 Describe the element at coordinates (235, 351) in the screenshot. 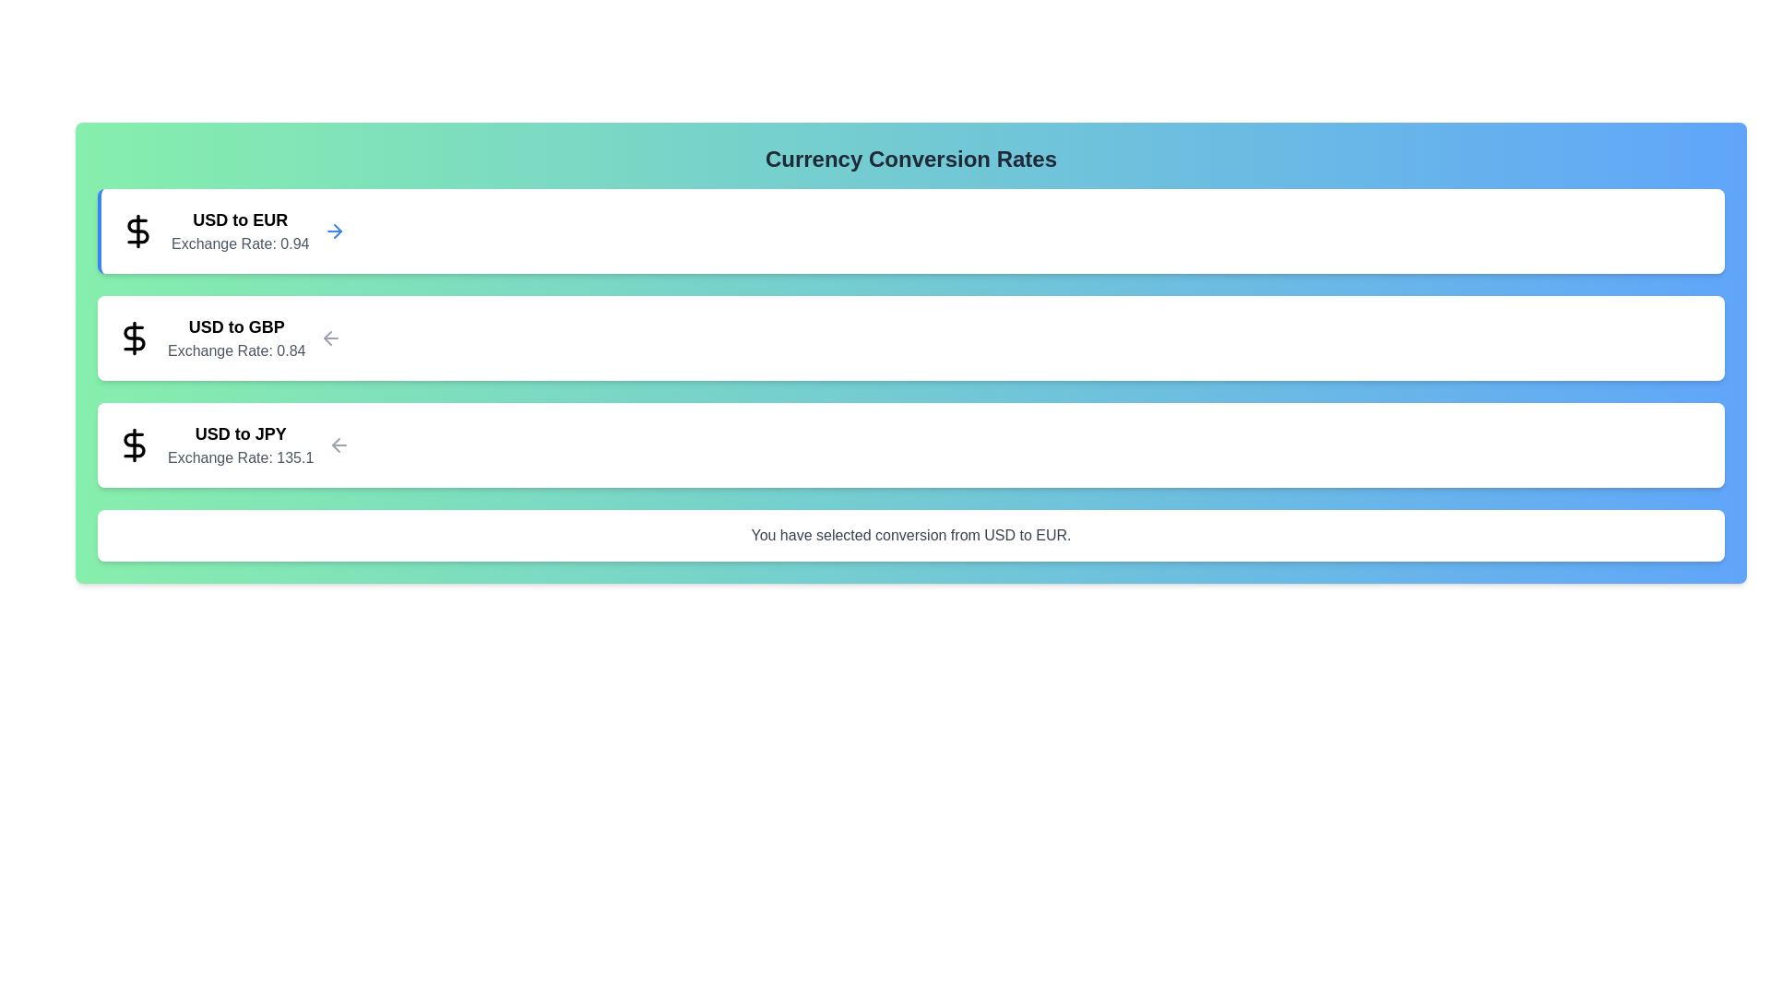

I see `the static text label that reads 'Exchange Rate: 0.84', which is styled in a smaller-sized gray font and positioned below 'USD to GBP' within a currency exchange rates list` at that location.